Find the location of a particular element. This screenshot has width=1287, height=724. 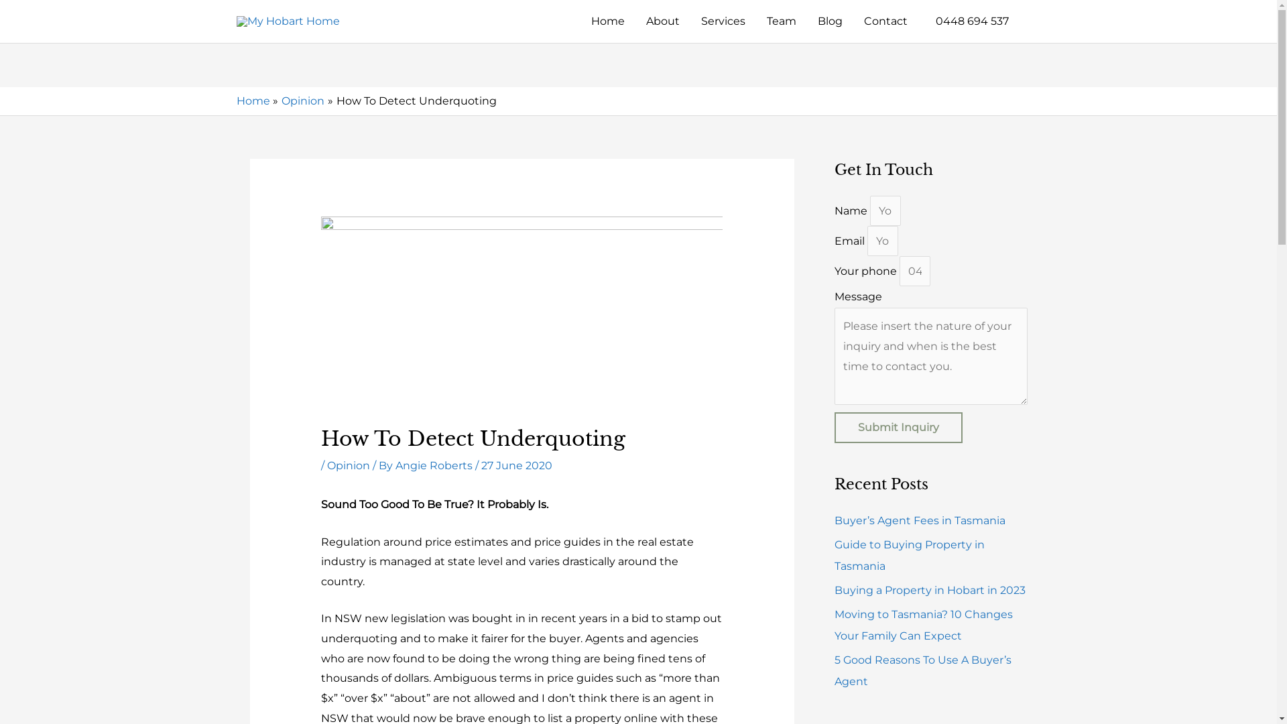

'Services' is located at coordinates (723, 21).